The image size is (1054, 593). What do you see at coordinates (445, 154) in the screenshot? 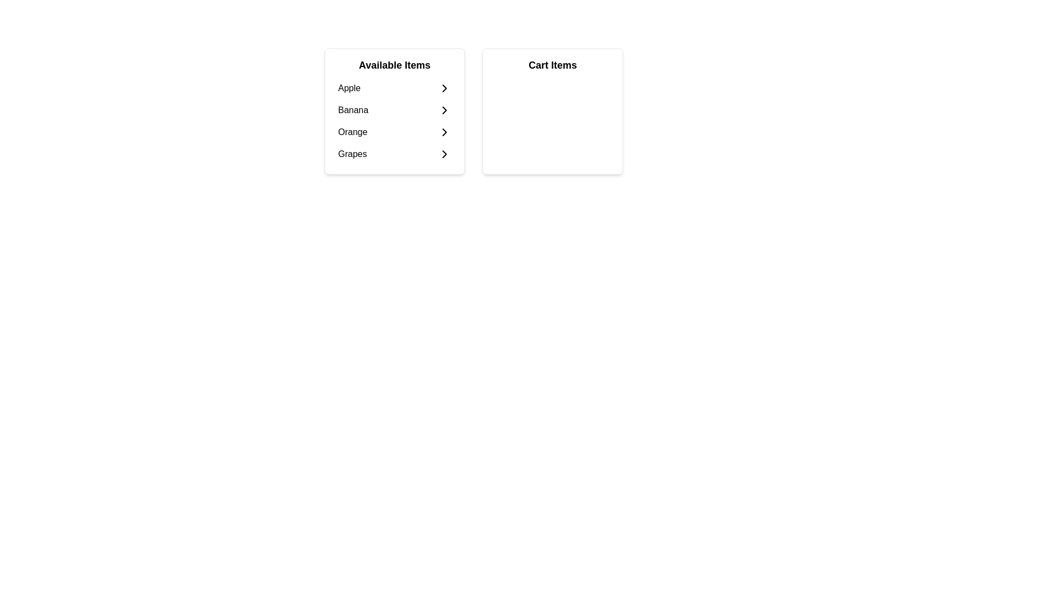
I see `the interactive icon located to the right of the item labeled 'Grapes' in the 'Available Items' section` at bounding box center [445, 154].